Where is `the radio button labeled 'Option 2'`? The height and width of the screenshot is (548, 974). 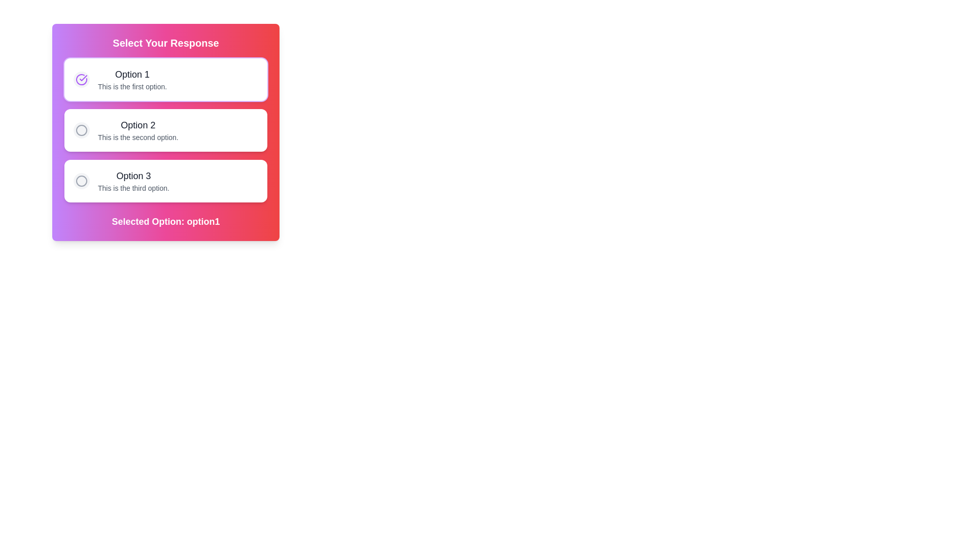
the radio button labeled 'Option 2' is located at coordinates (165, 132).